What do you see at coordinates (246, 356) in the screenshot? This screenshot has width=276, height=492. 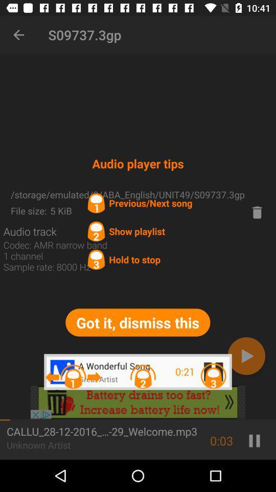 I see `the play icon` at bounding box center [246, 356].